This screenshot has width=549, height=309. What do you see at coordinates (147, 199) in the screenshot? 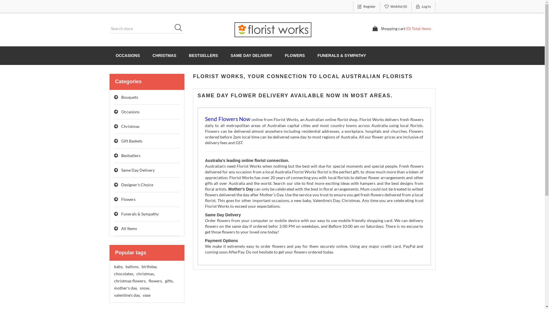
I see `'Flowers'` at bounding box center [147, 199].